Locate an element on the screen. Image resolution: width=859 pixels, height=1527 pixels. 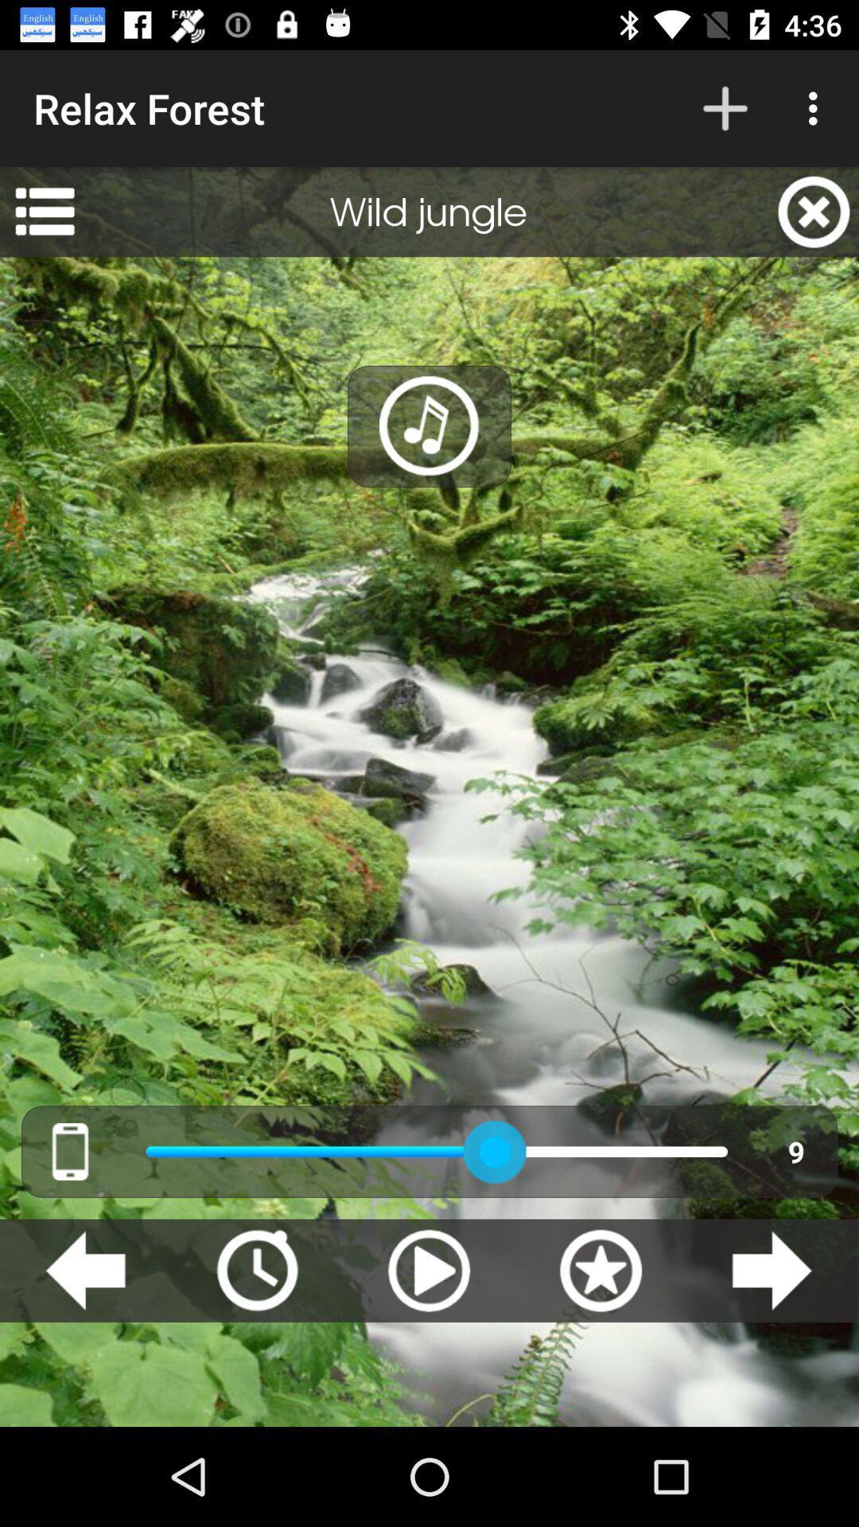
the arrow_forward icon is located at coordinates (771, 1269).